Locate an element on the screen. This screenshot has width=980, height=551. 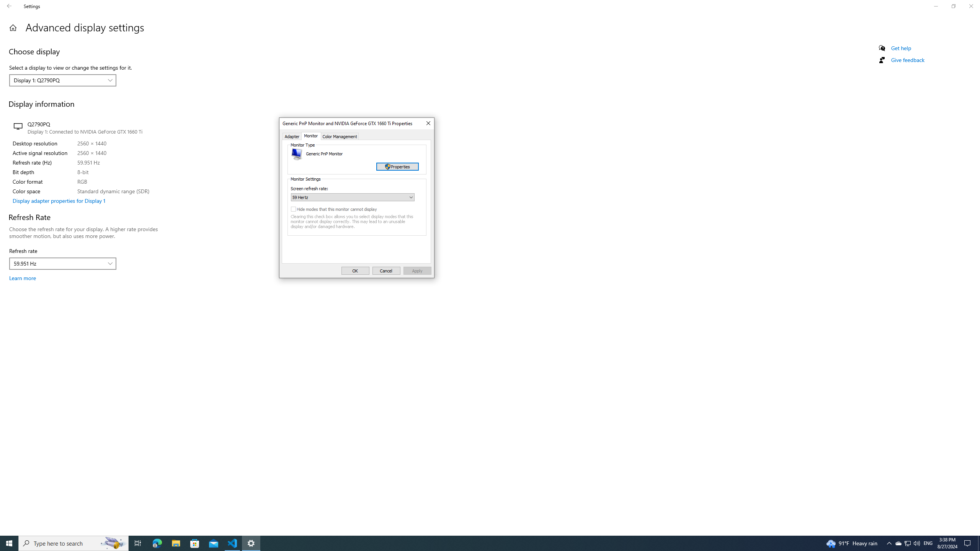
'Apply' is located at coordinates (417, 270).